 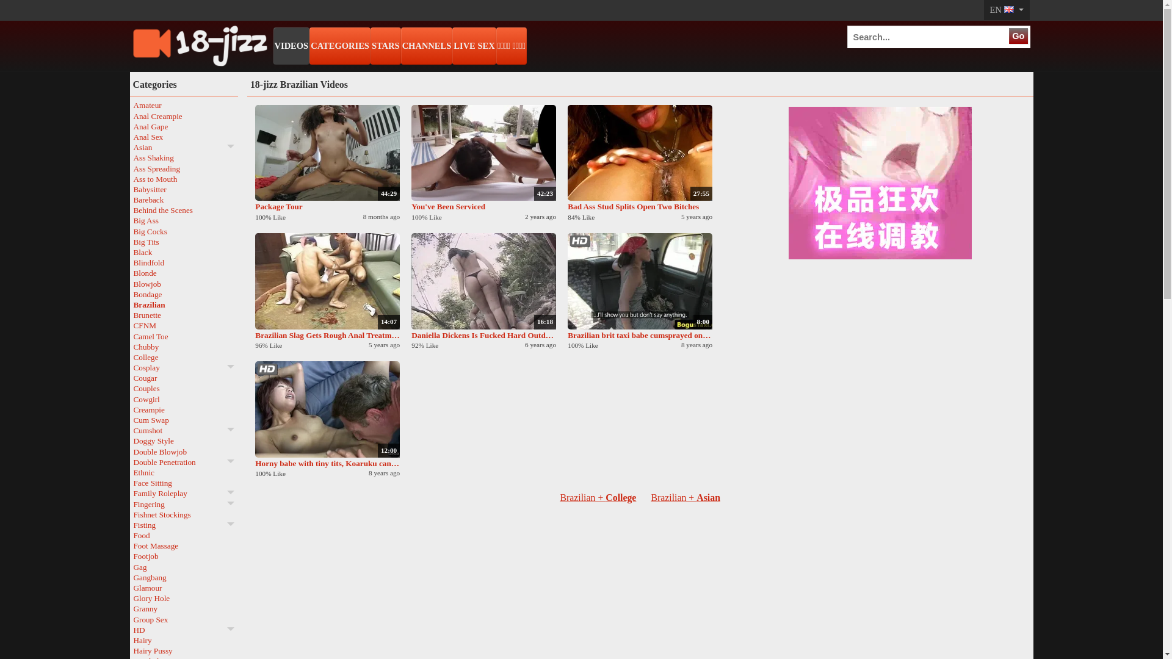 What do you see at coordinates (183, 409) in the screenshot?
I see `'Creampie'` at bounding box center [183, 409].